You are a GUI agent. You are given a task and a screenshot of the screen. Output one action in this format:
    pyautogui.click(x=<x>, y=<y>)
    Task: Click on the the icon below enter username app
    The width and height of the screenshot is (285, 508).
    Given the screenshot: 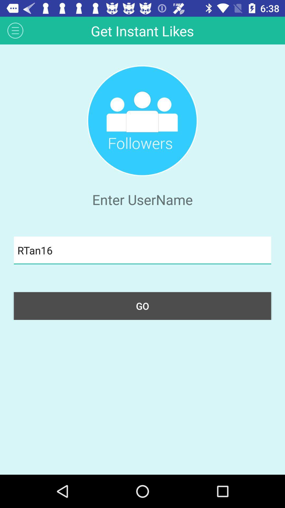 What is the action you would take?
    pyautogui.click(x=142, y=250)
    